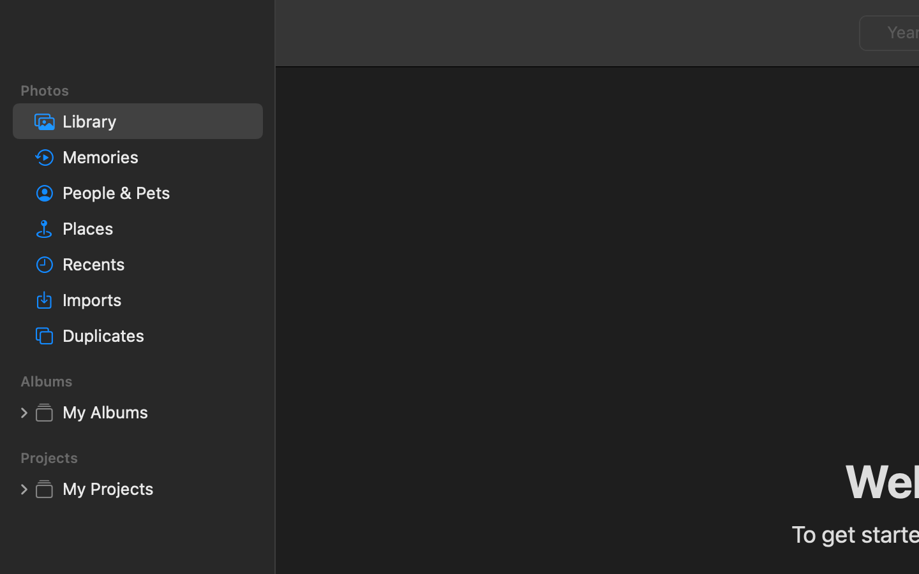 This screenshot has height=574, width=919. What do you see at coordinates (156, 264) in the screenshot?
I see `'Recents'` at bounding box center [156, 264].